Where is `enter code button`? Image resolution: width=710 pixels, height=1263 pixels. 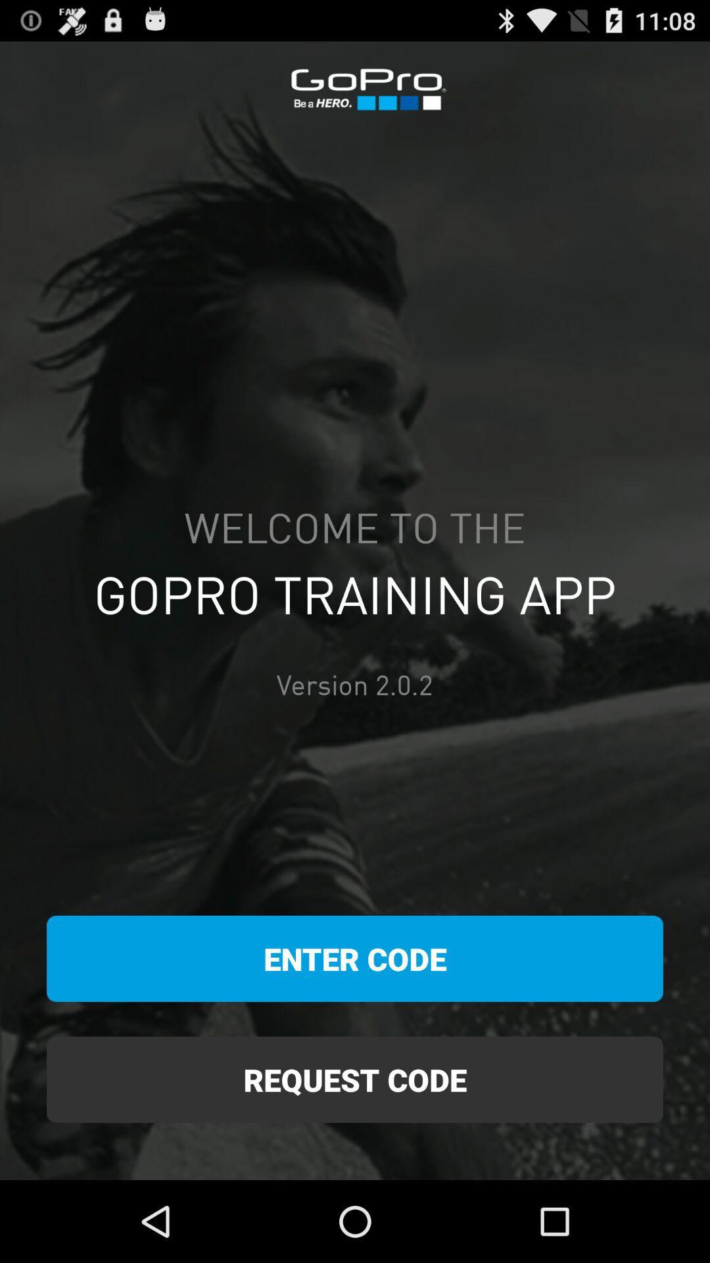
enter code button is located at coordinates (355, 958).